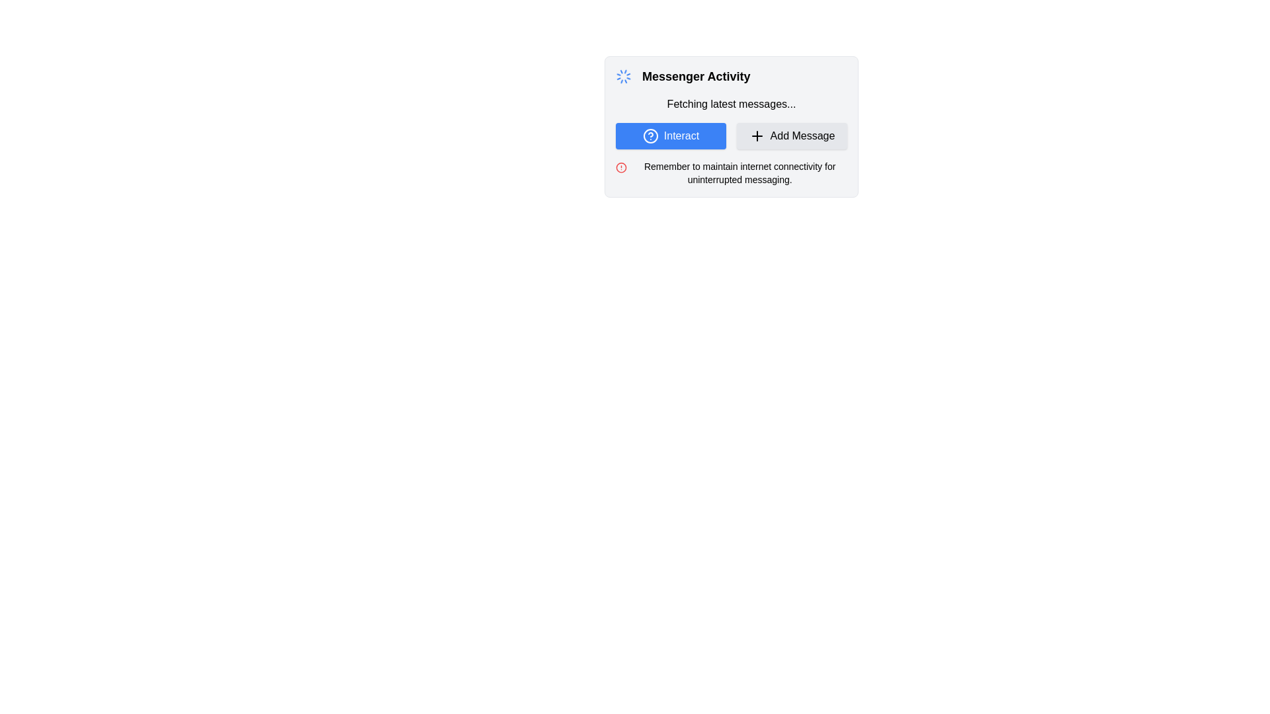 The height and width of the screenshot is (714, 1270). Describe the element at coordinates (730, 173) in the screenshot. I see `informative message about maintaining internet connectivity, which includes a warning icon and the text 'Remember to maintain internet connectivity for uninterrupted messaging.' This message is located at the bottom of the 'Messenger Activity' section` at that location.